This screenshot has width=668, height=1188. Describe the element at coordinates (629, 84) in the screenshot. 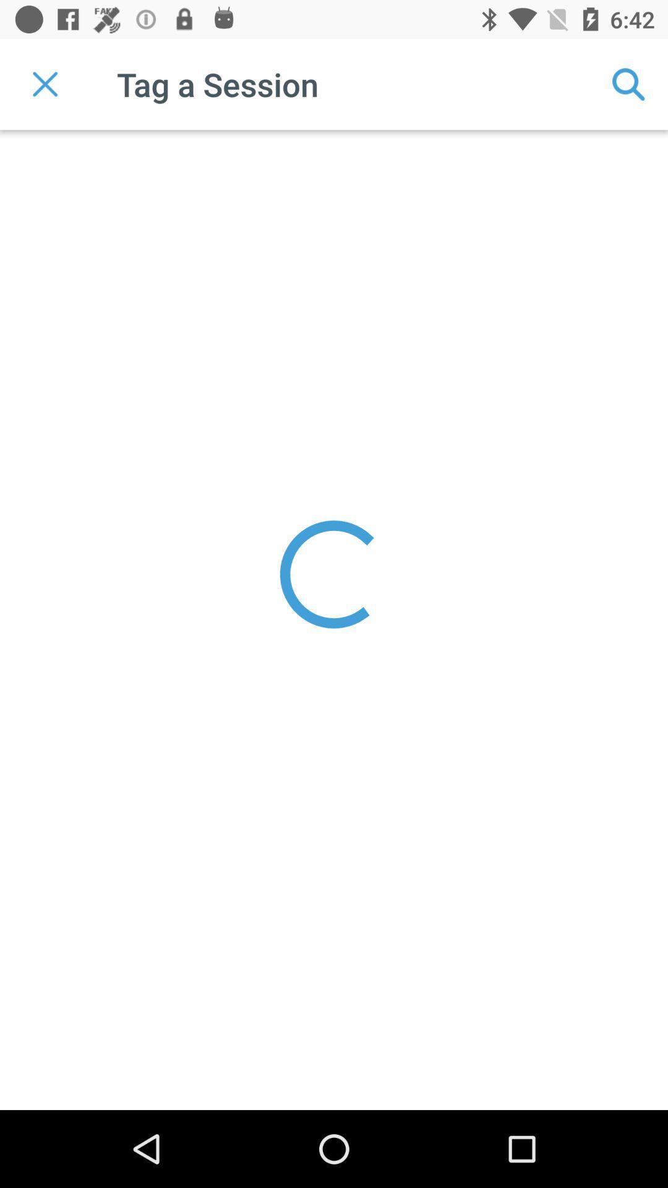

I see `the item at the top right corner` at that location.